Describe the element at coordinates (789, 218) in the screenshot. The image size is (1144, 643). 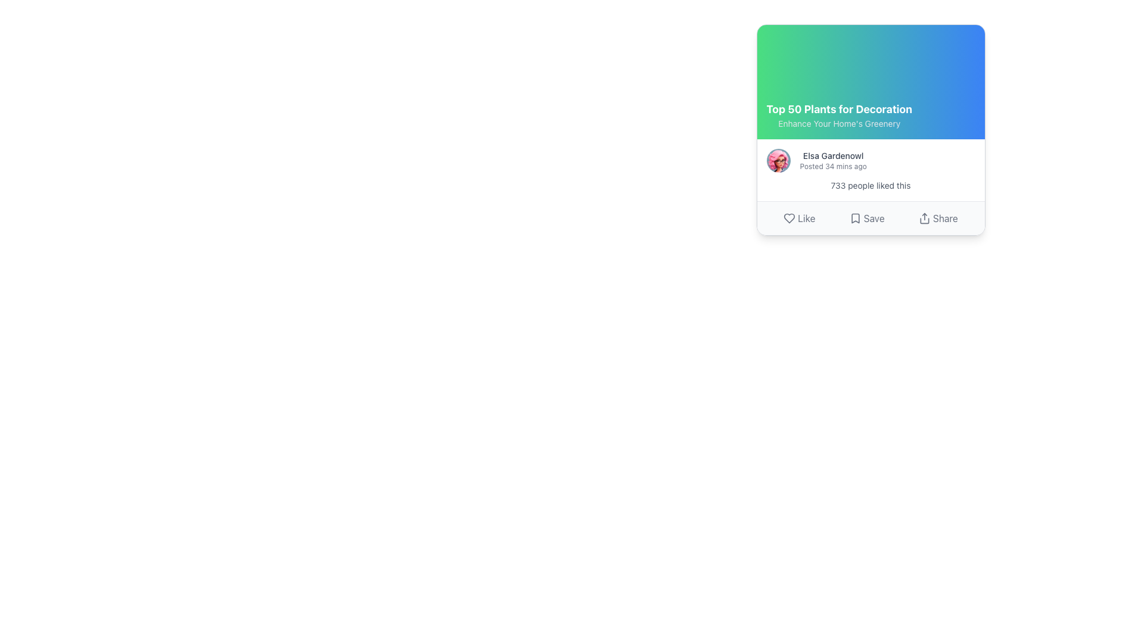
I see `the heart-shaped icon with a hollow design and smooth gray outline to like the content` at that location.